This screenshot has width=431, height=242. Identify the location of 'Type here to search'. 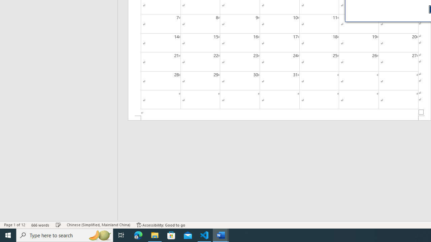
(65, 235).